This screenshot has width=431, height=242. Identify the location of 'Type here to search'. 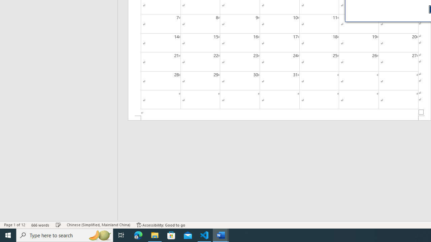
(65, 235).